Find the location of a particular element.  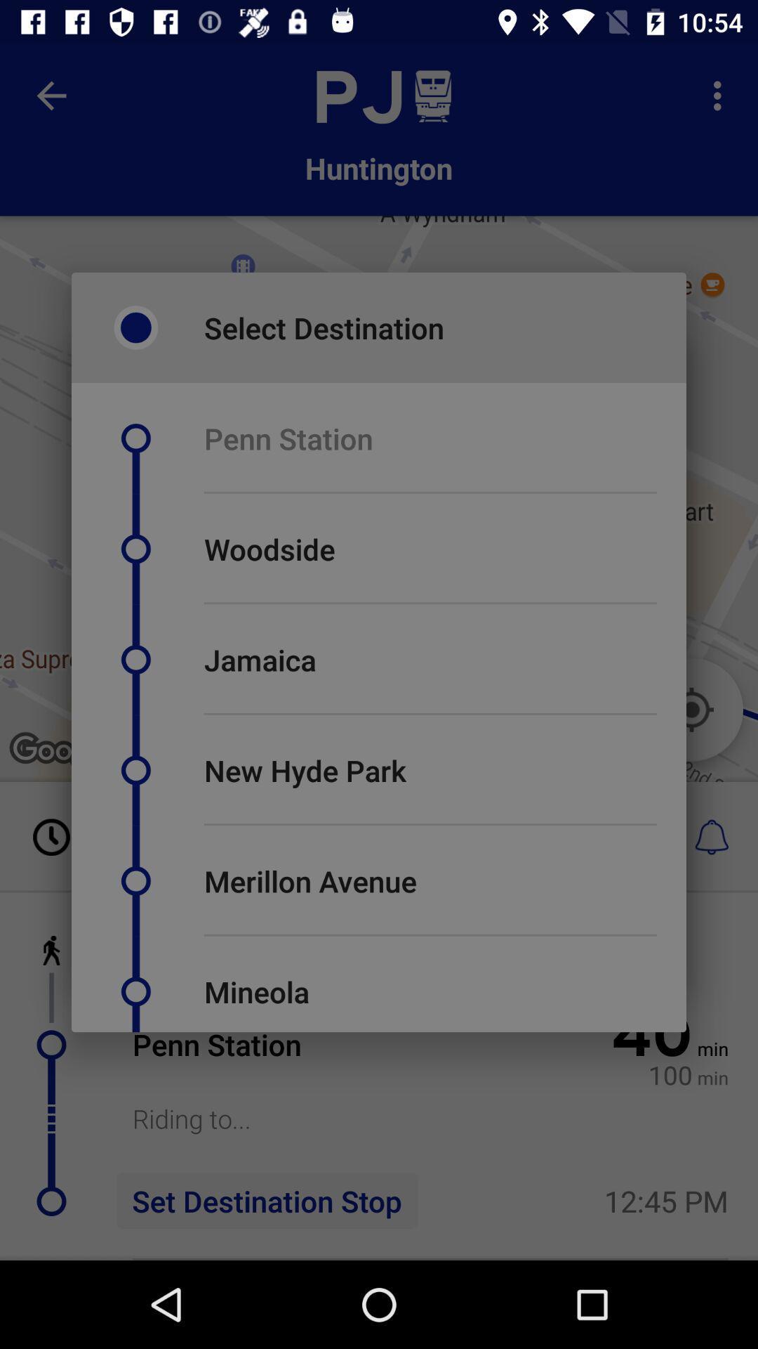

item below the woodside item is located at coordinates (430, 603).